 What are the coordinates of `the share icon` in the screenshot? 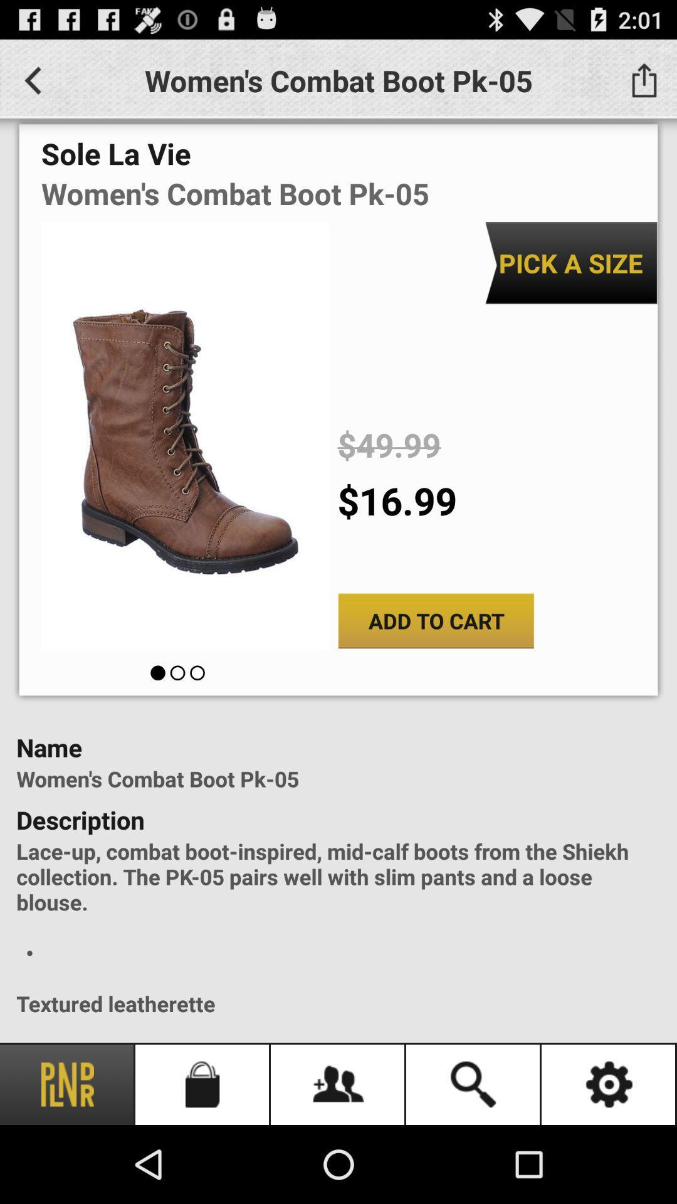 It's located at (644, 85).